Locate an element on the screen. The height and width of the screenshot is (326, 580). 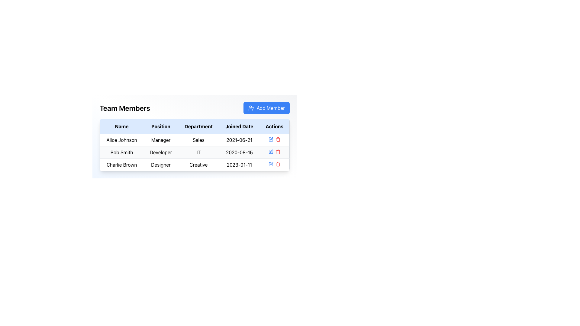
the 'Department' column header in the table, which is the third header located between 'Position' and 'Joined Date' is located at coordinates (198, 126).